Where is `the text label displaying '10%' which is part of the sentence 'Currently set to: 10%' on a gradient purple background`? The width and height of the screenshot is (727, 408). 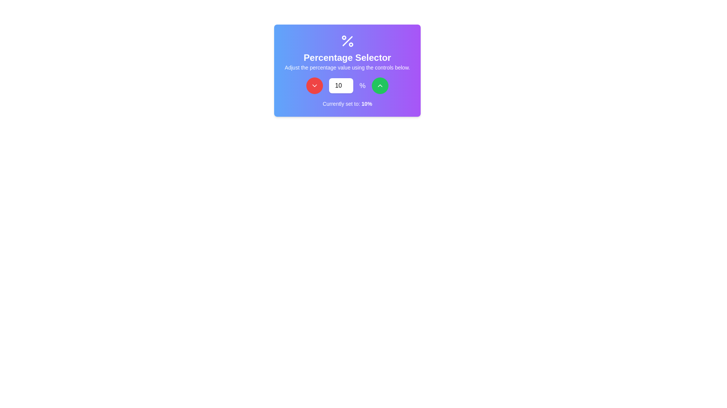
the text label displaying '10%' which is part of the sentence 'Currently set to: 10%' on a gradient purple background is located at coordinates (367, 104).